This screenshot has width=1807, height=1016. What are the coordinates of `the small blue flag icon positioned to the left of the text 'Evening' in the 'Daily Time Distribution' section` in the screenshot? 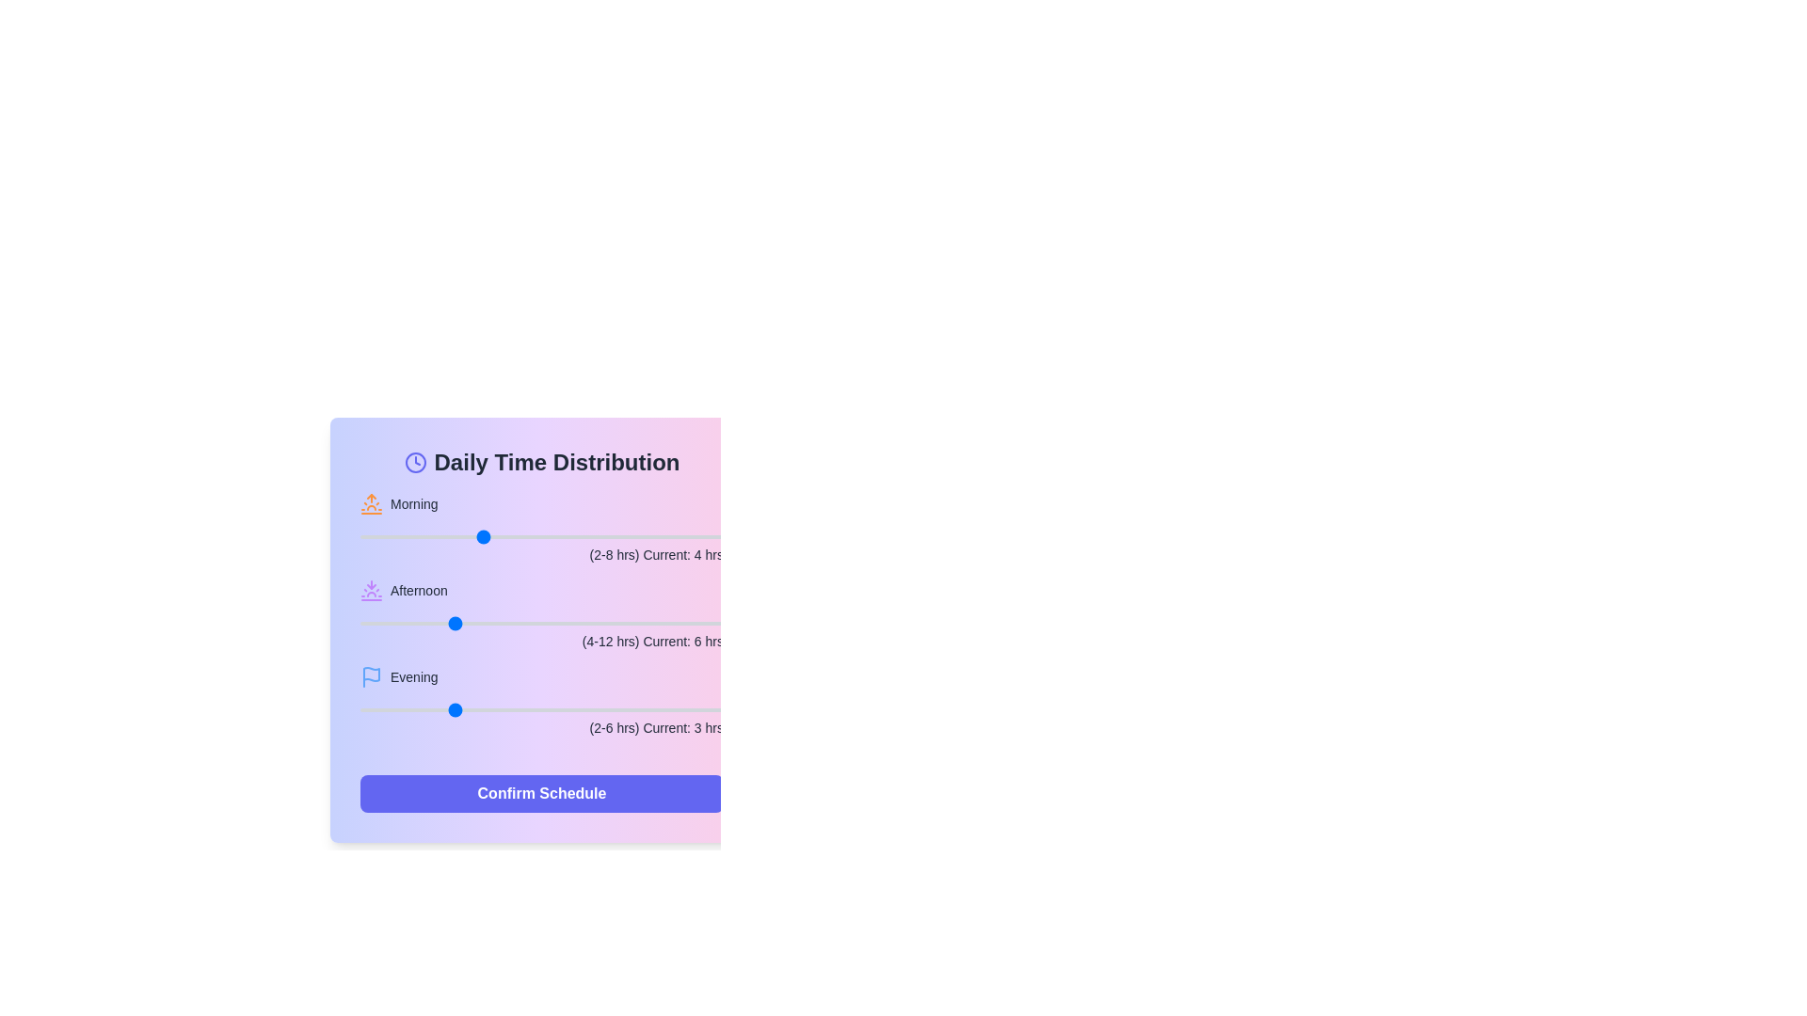 It's located at (371, 677).